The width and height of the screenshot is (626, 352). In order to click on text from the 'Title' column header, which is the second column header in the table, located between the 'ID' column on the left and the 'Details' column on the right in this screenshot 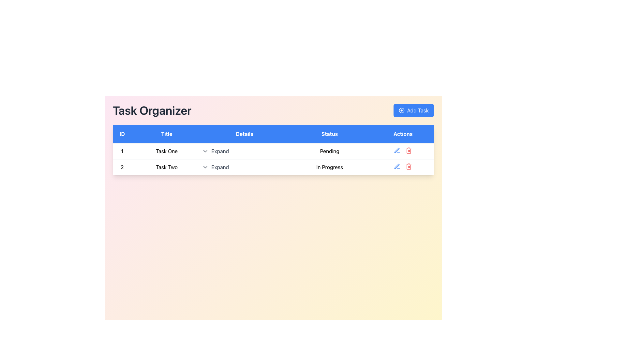, I will do `click(167, 134)`.